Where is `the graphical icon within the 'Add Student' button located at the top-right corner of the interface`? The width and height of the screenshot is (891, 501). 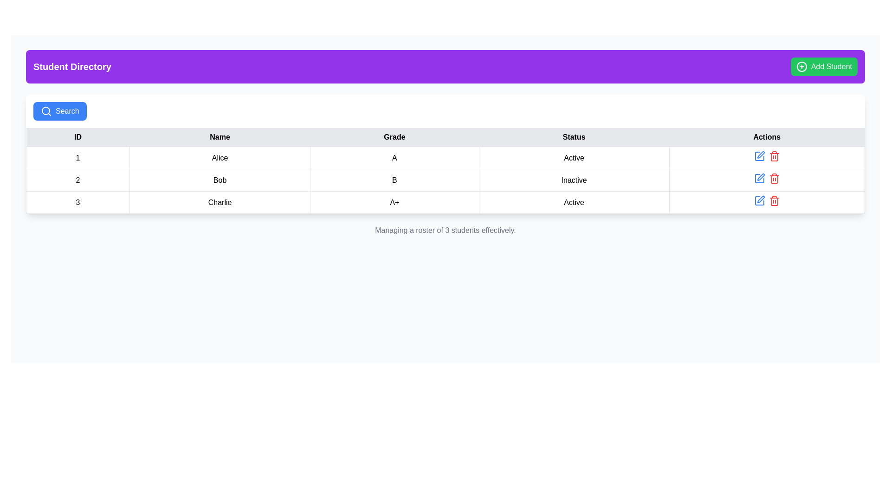
the graphical icon within the 'Add Student' button located at the top-right corner of the interface is located at coordinates (801, 66).